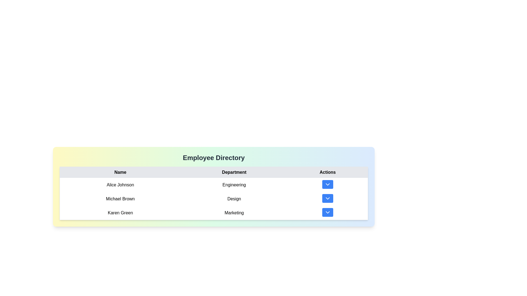  Describe the element at coordinates (120, 185) in the screenshot. I see `the text label displaying 'Alice Johnson' in the first column of the table, which is located directly under the header labeled 'Name'` at that location.